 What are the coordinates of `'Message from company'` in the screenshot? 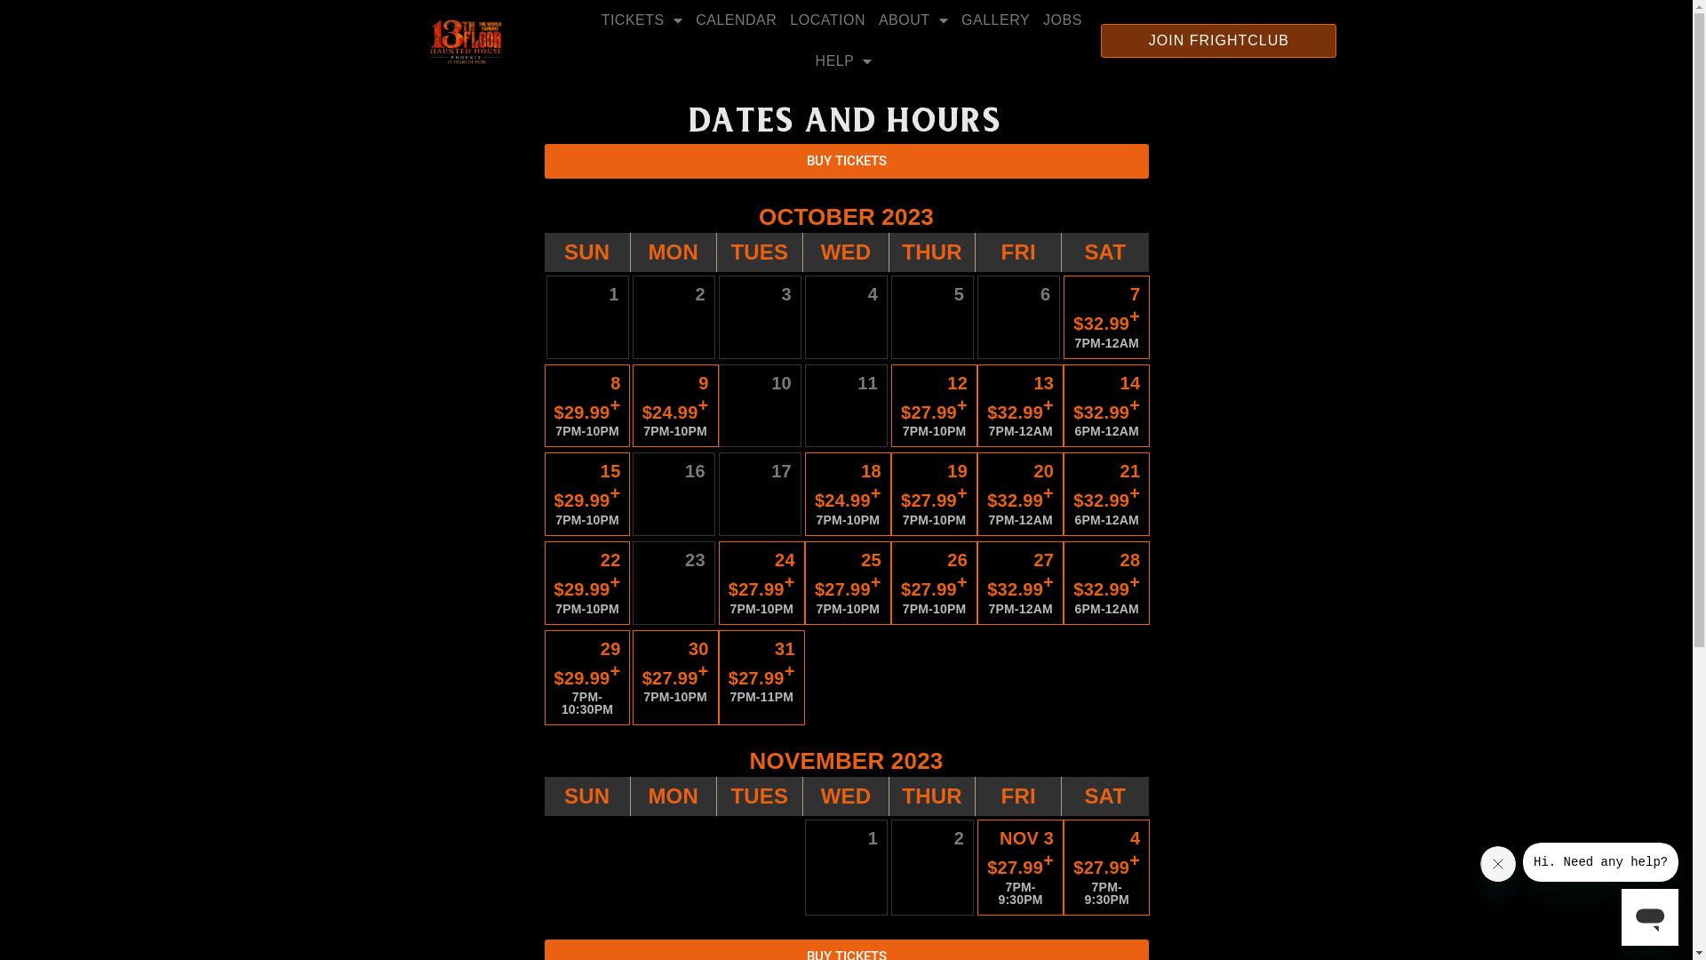 It's located at (1600, 860).